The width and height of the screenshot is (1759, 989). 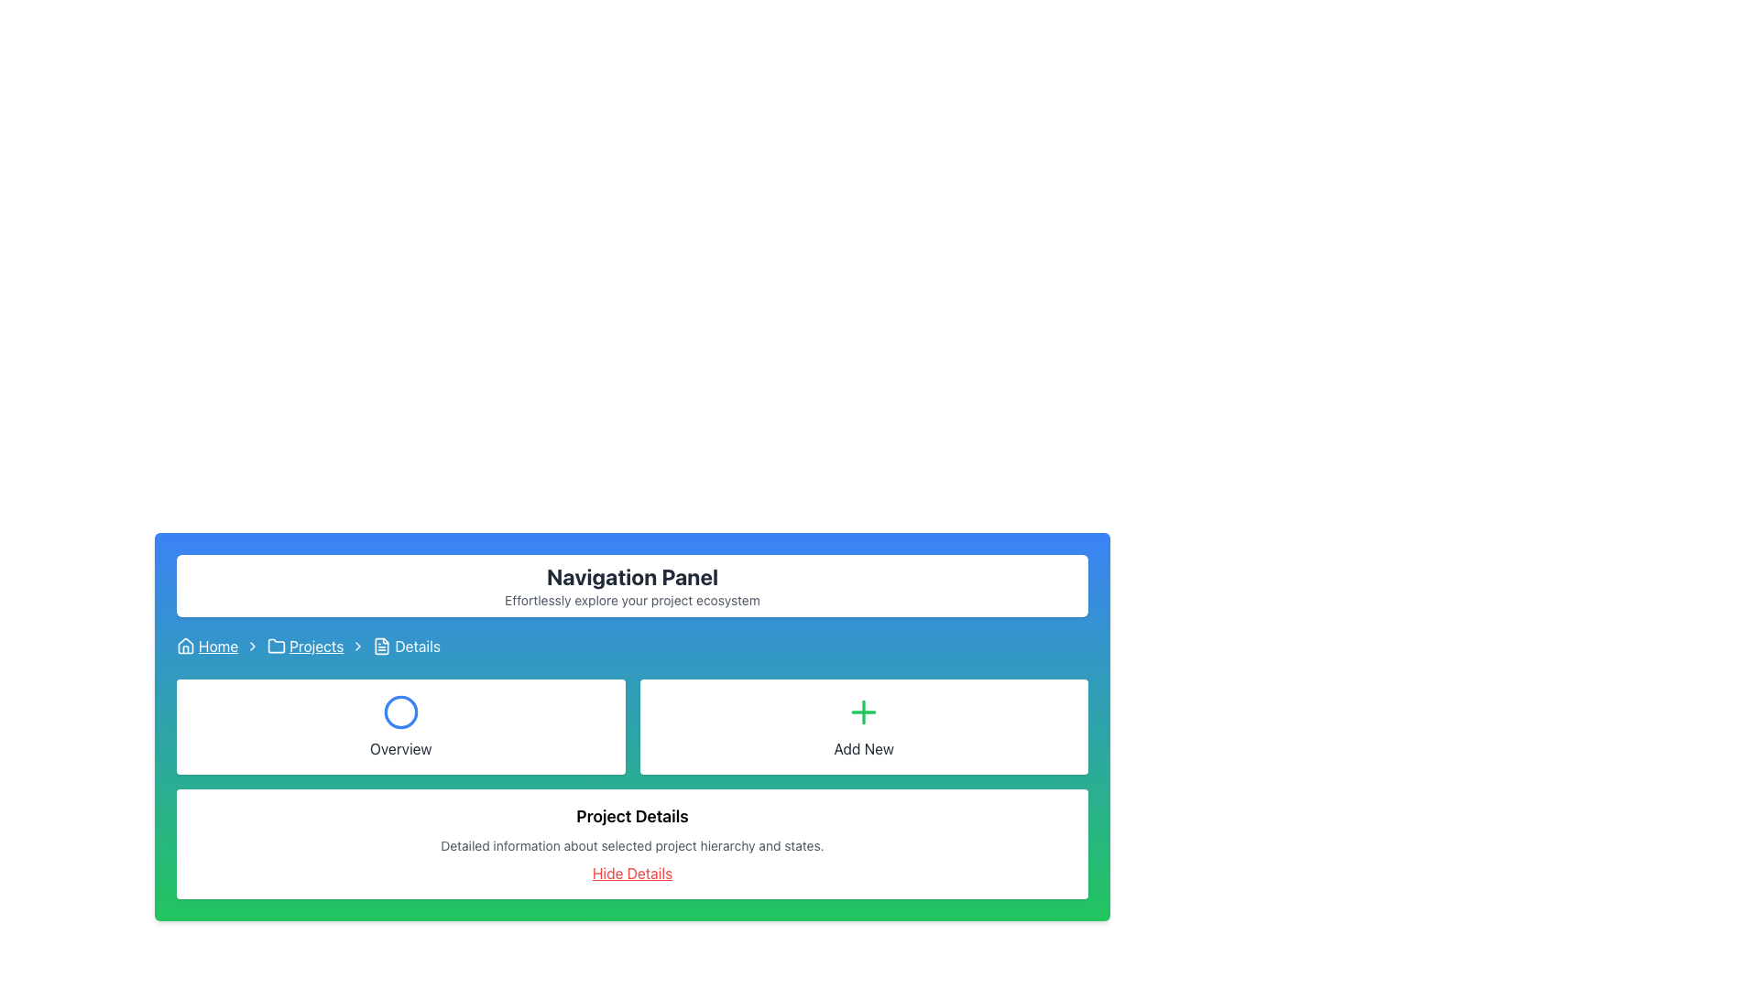 What do you see at coordinates (381, 645) in the screenshot?
I see `the 'Details' icon in the breadcrumb navigation, which is located to the right of the house icon and the folder icon` at bounding box center [381, 645].